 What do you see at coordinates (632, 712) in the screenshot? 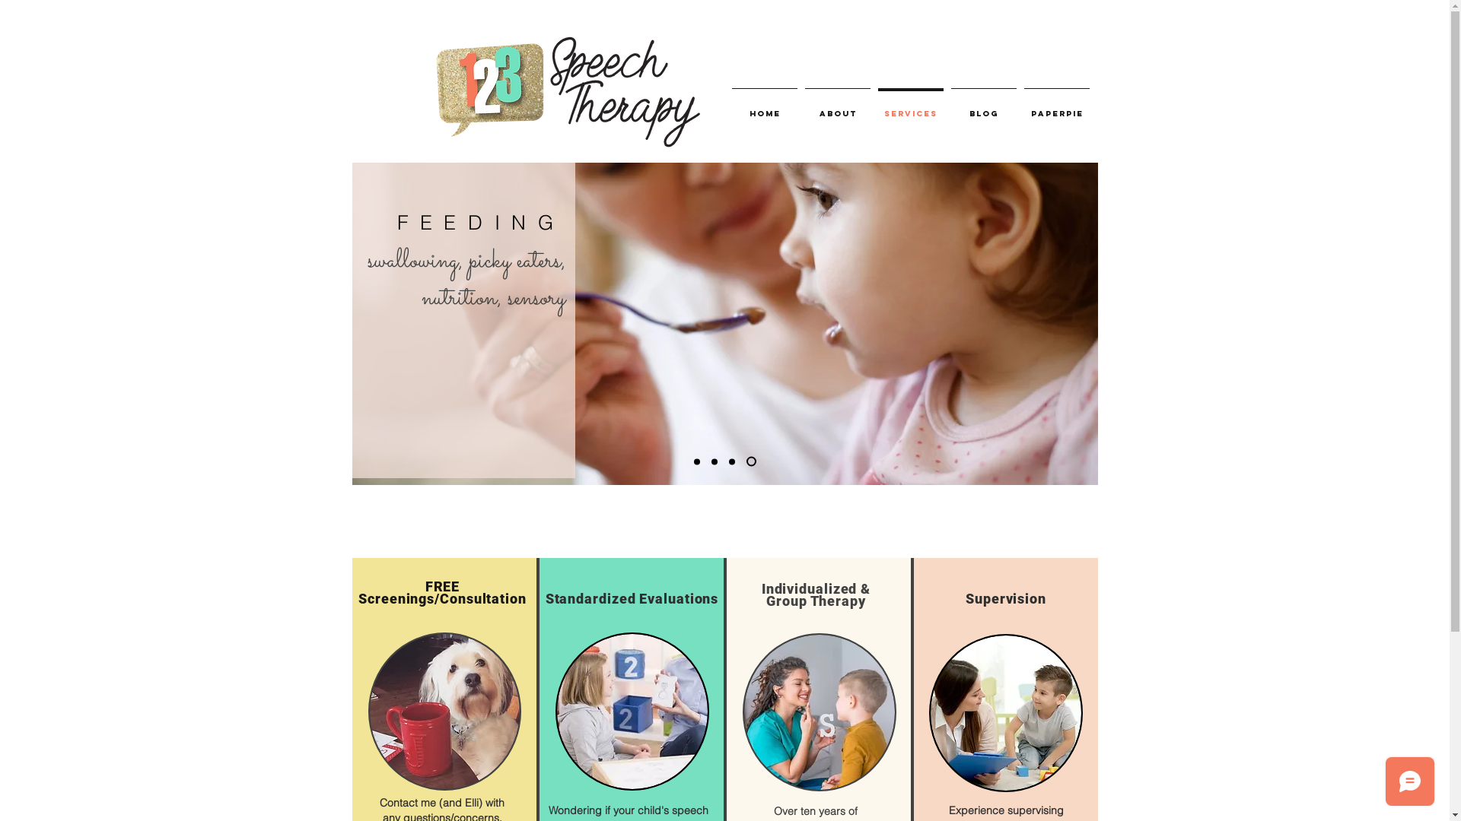
I see `'guy2.jpg'` at bounding box center [632, 712].